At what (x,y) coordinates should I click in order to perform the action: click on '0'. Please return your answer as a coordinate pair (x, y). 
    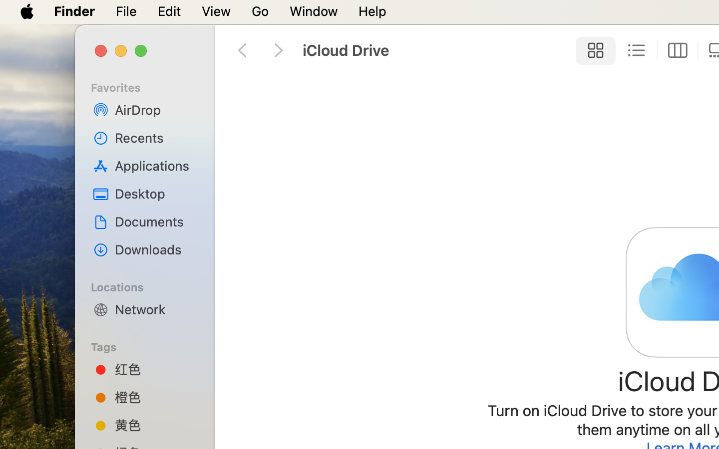
    Looking at the image, I should click on (677, 50).